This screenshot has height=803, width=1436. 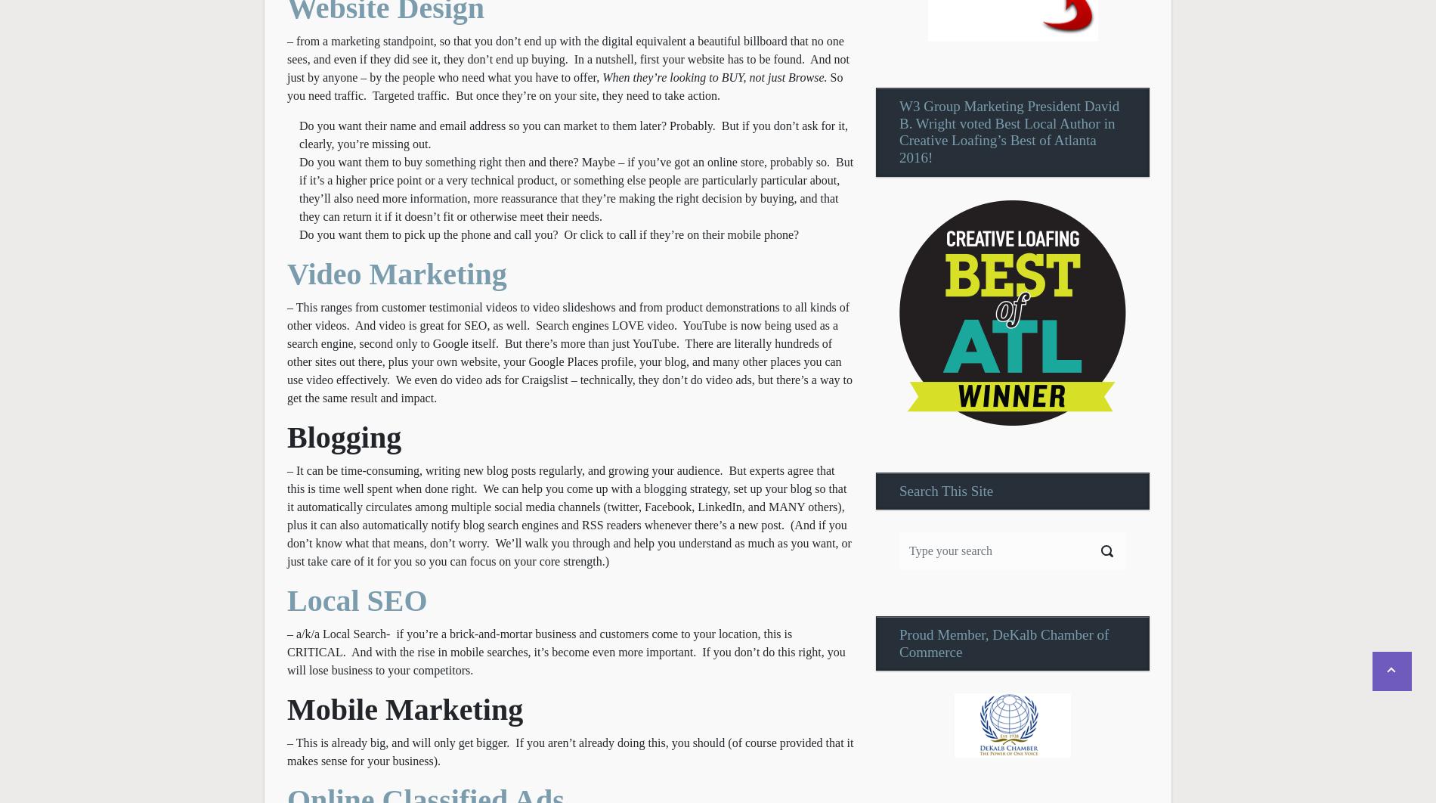 What do you see at coordinates (713, 76) in the screenshot?
I see `'When they’re looking to BUY, not just Browse.'` at bounding box center [713, 76].